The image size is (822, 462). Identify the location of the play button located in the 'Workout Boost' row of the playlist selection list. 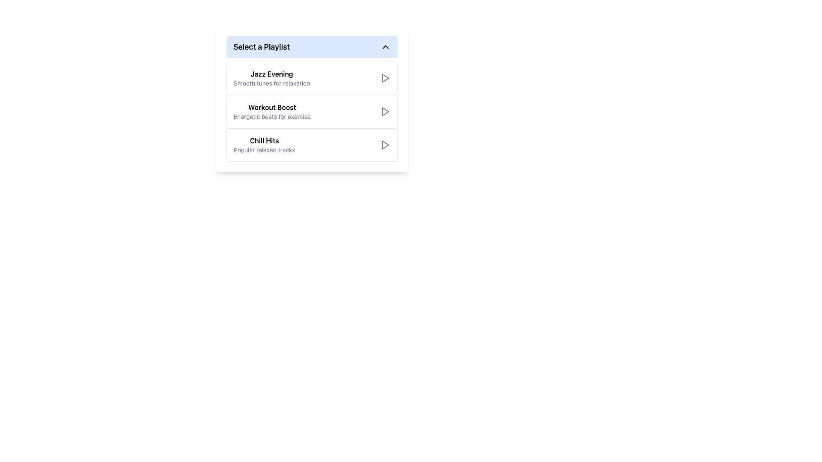
(385, 111).